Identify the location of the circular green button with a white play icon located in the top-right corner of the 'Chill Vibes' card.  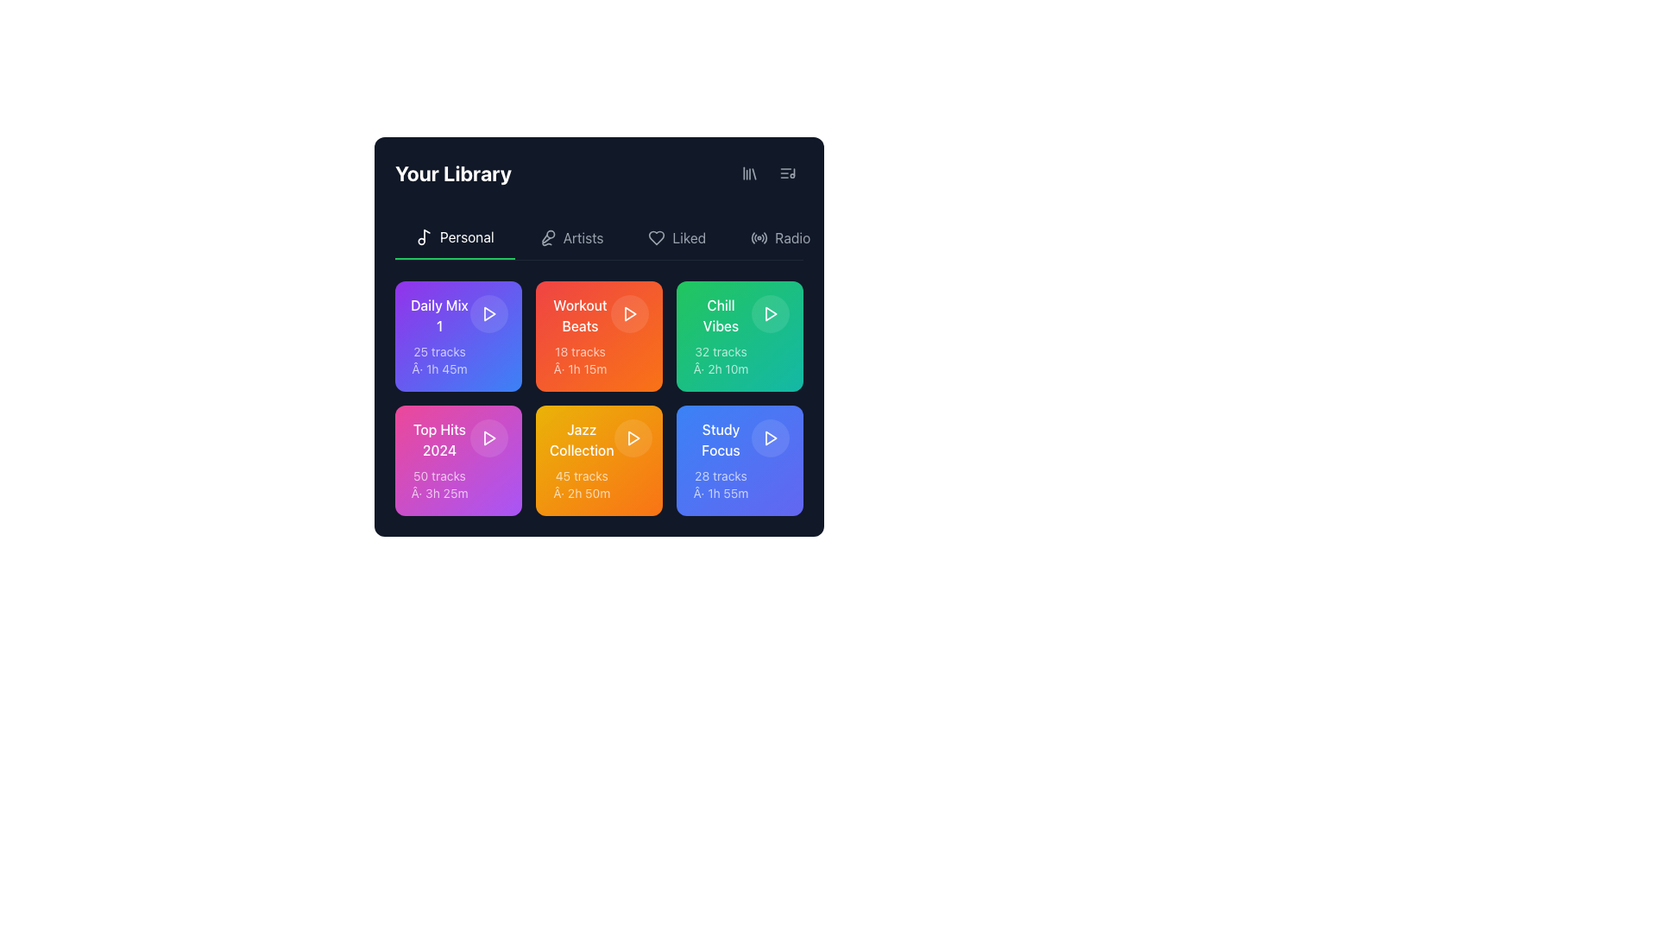
(769, 313).